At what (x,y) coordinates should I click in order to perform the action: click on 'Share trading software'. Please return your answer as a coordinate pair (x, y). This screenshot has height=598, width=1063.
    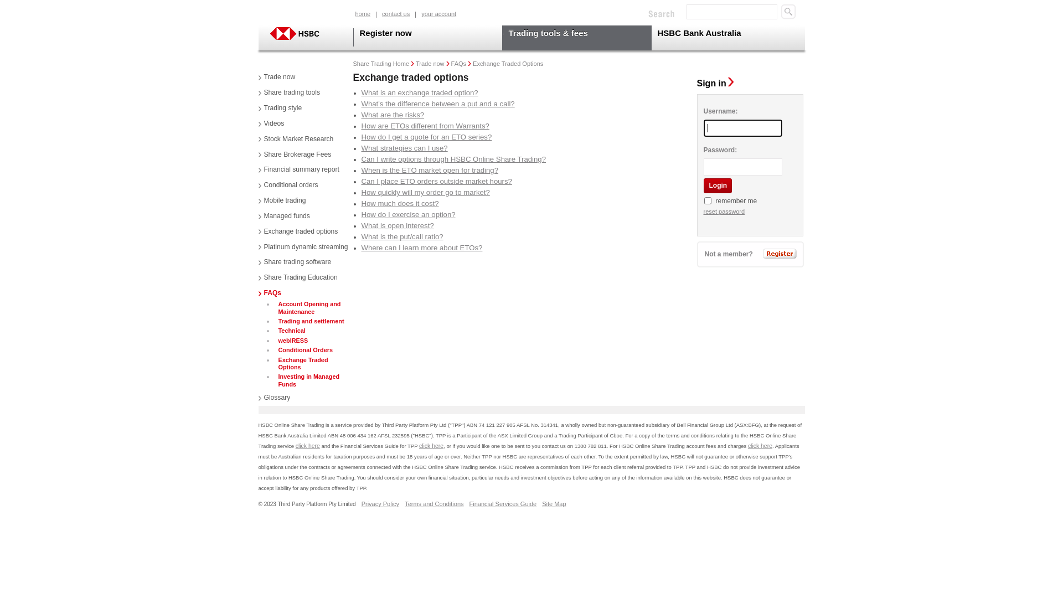
    Looking at the image, I should click on (295, 262).